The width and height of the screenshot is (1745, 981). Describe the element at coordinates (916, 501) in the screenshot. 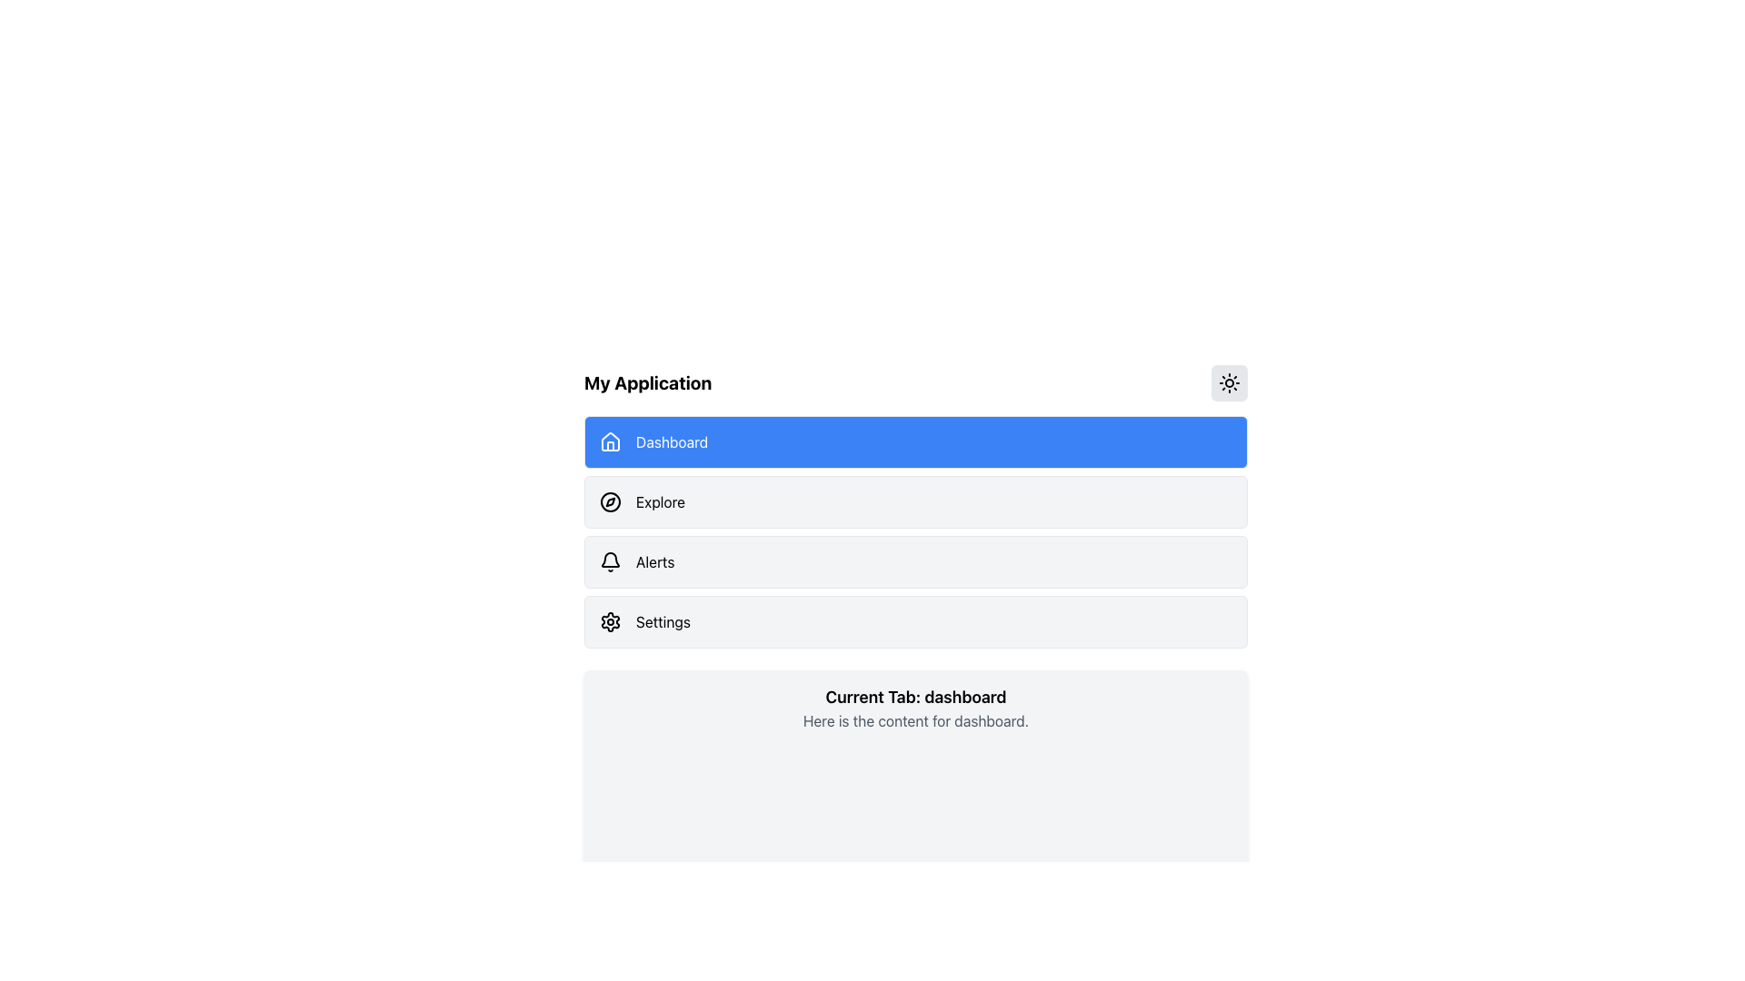

I see `the 'Explore' button in the sidebar menu` at that location.